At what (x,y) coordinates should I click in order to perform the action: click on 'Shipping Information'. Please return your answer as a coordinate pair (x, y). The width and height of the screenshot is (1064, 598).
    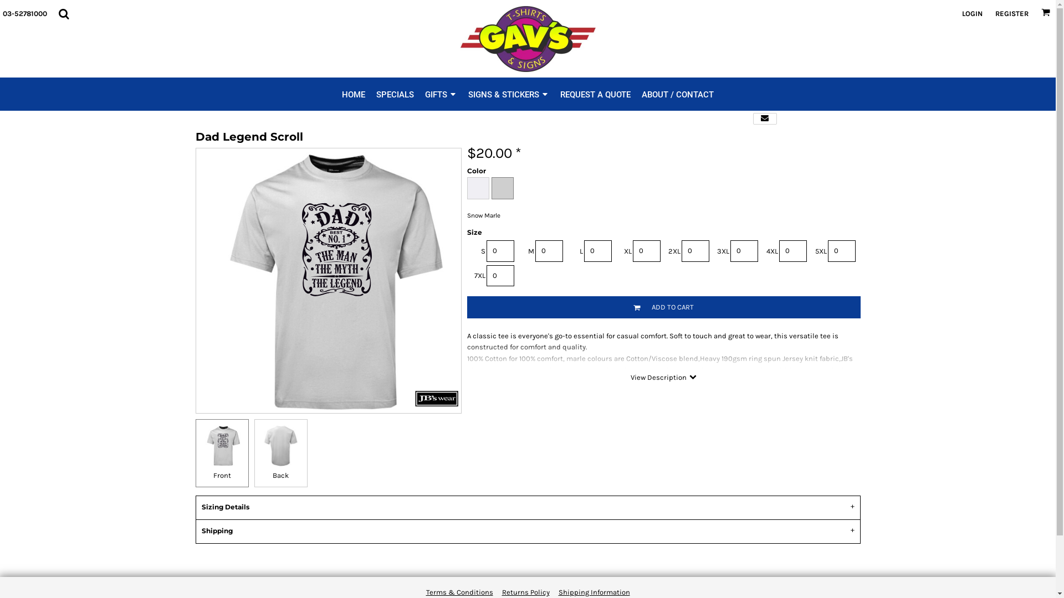
    Looking at the image, I should click on (594, 591).